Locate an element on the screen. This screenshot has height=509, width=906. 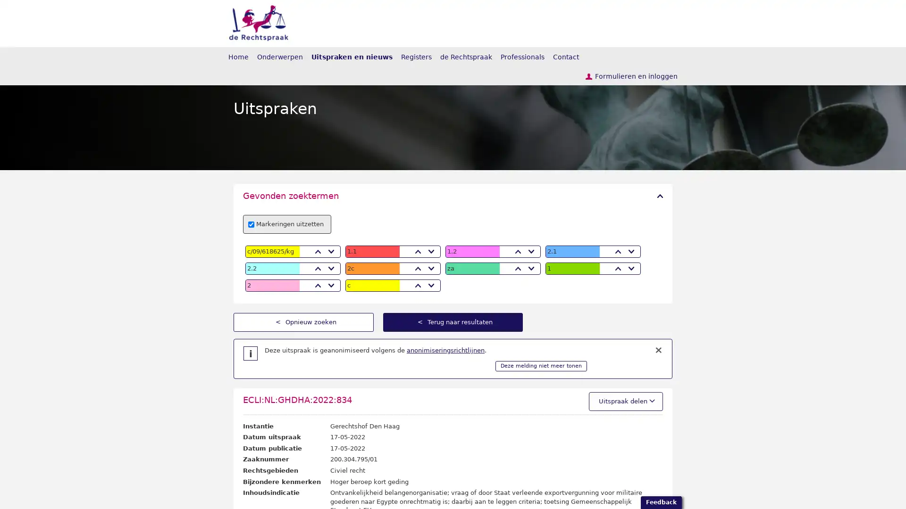
Volgende zoek term is located at coordinates (430, 285).